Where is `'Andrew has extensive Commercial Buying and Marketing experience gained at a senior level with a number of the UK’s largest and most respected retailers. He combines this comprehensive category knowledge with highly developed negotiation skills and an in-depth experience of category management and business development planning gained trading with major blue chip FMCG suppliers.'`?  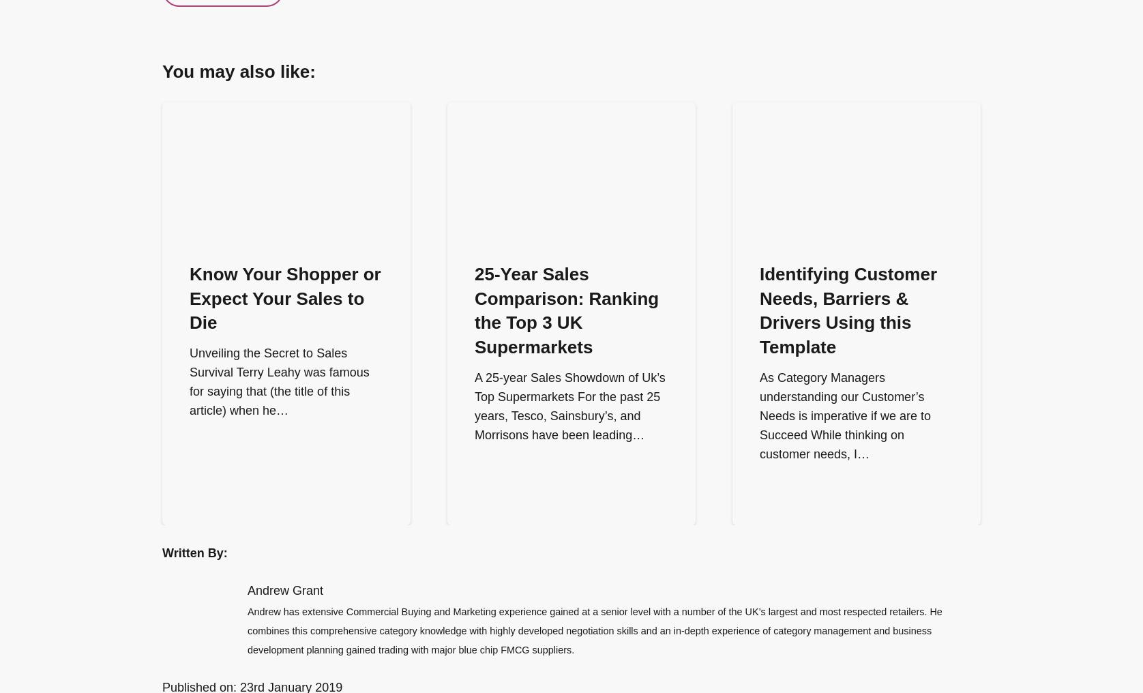
'Andrew has extensive Commercial Buying and Marketing experience gained at a senior level with a number of the UK’s largest and most respected retailers. He combines this comprehensive category knowledge with highly developed negotiation skills and an in-depth experience of category management and business development planning gained trading with major blue chip FMCG suppliers.' is located at coordinates (595, 629).